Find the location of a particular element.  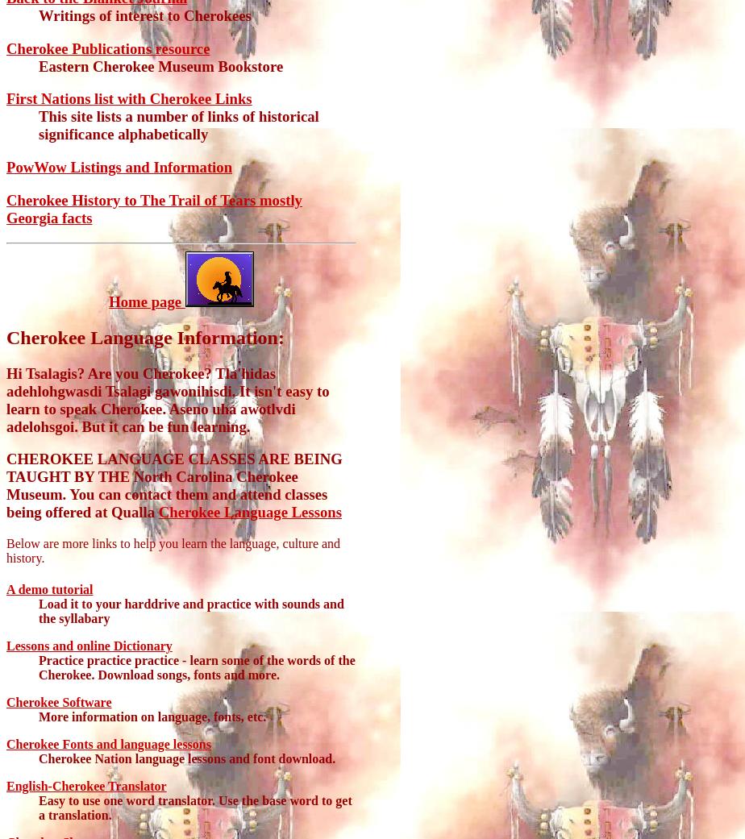

'Cherokee Publications resource' is located at coordinates (6, 47).